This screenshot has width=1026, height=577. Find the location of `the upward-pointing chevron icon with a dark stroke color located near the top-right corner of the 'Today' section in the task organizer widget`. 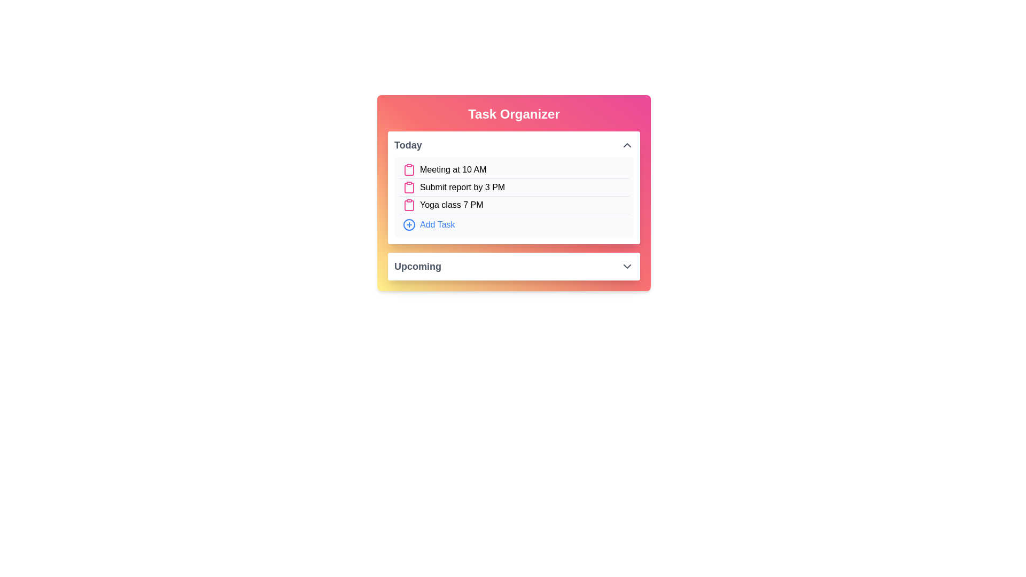

the upward-pointing chevron icon with a dark stroke color located near the top-right corner of the 'Today' section in the task organizer widget is located at coordinates (627, 145).